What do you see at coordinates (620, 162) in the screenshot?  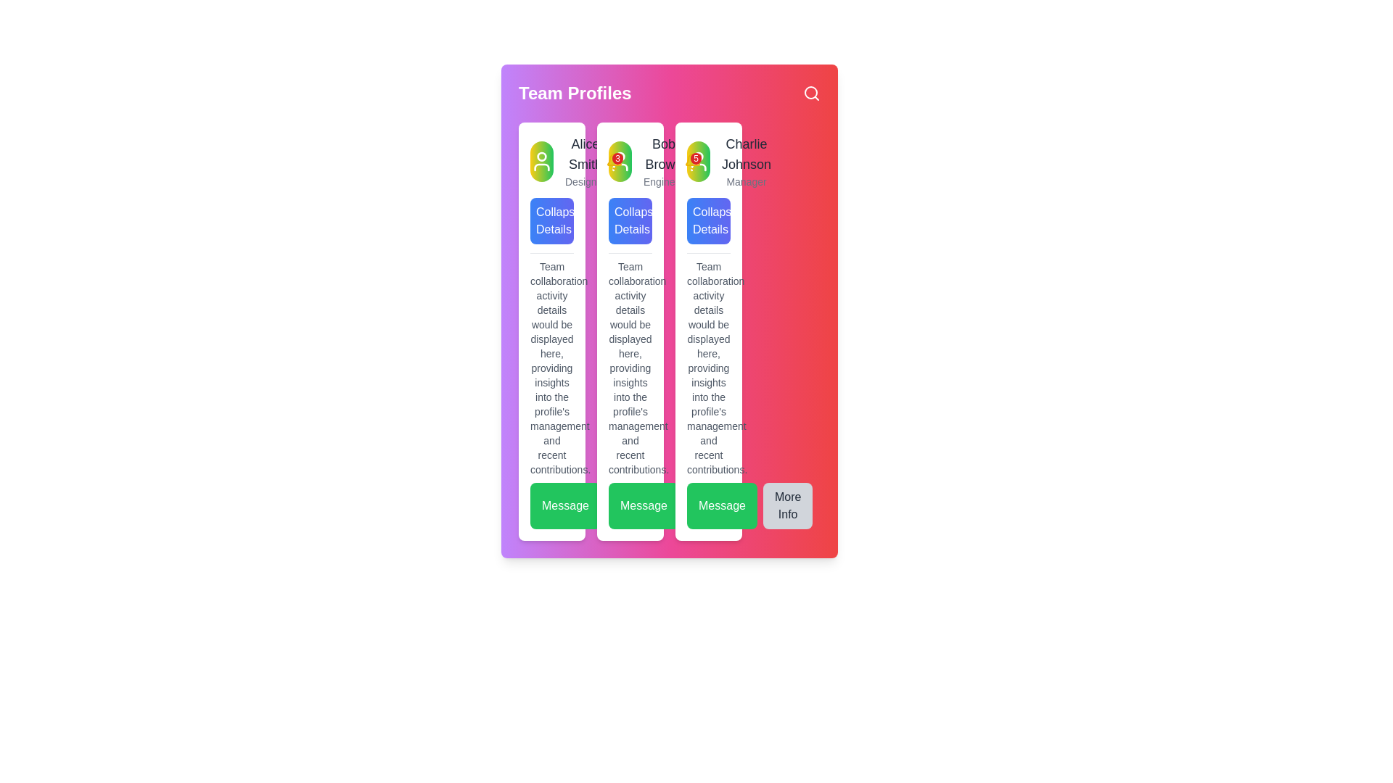 I see `the circular profile icon of Bob Brown, which is located in the 'Team Profiles' section, immediately left of his name and title` at bounding box center [620, 162].